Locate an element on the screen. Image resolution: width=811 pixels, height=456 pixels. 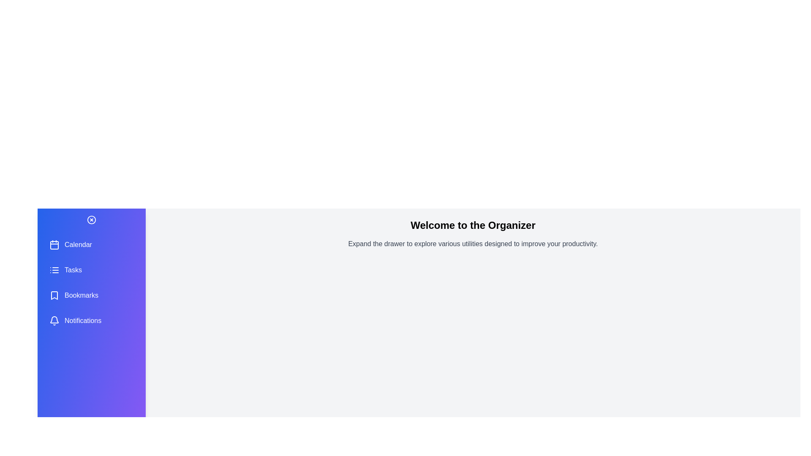
the utility option Calendar to select it is located at coordinates (91, 244).